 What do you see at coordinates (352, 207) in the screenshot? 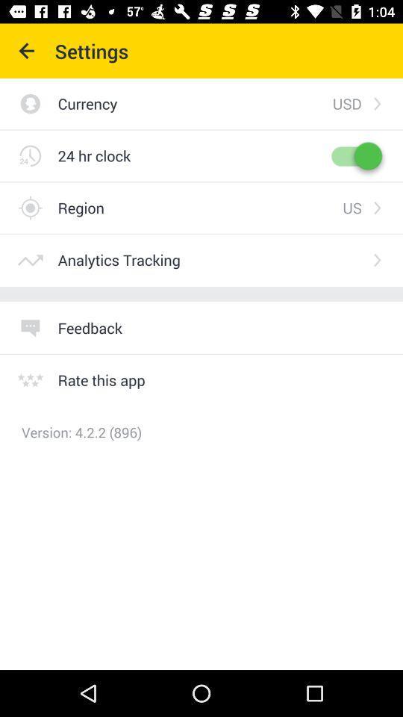
I see `the item next to the region icon` at bounding box center [352, 207].